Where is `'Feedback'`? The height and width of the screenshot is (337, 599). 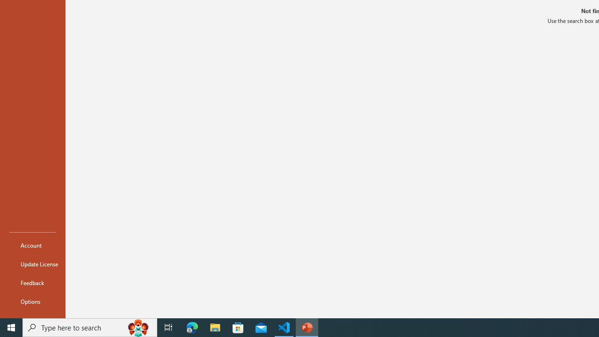
'Feedback' is located at coordinates (32, 282).